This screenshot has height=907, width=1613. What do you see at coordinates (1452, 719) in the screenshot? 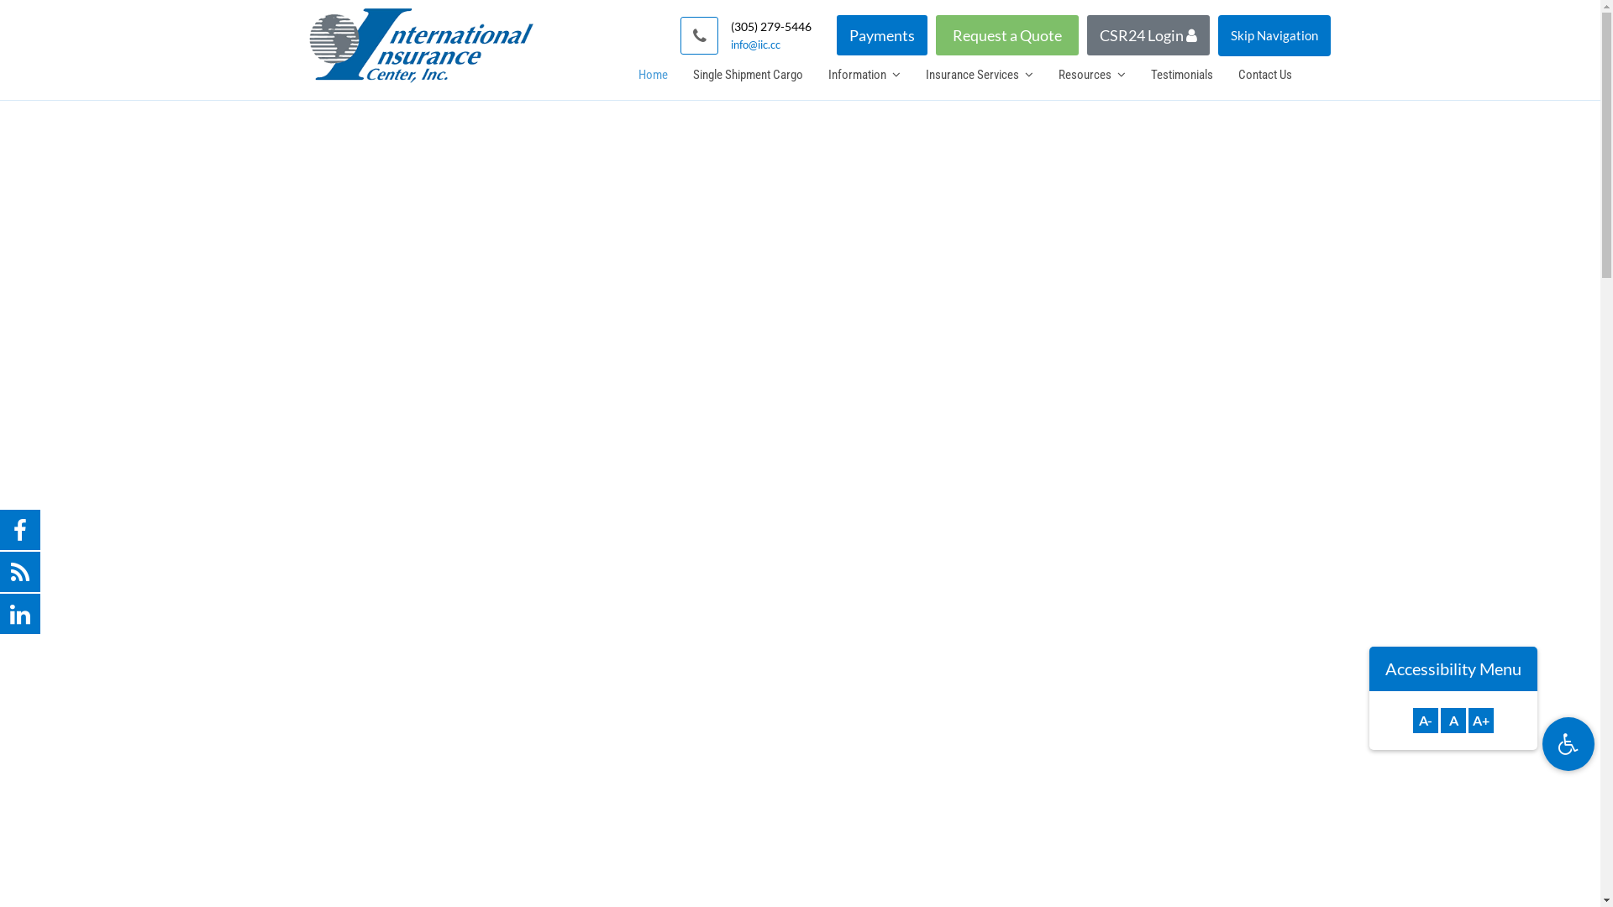
I see `'A'` at bounding box center [1452, 719].